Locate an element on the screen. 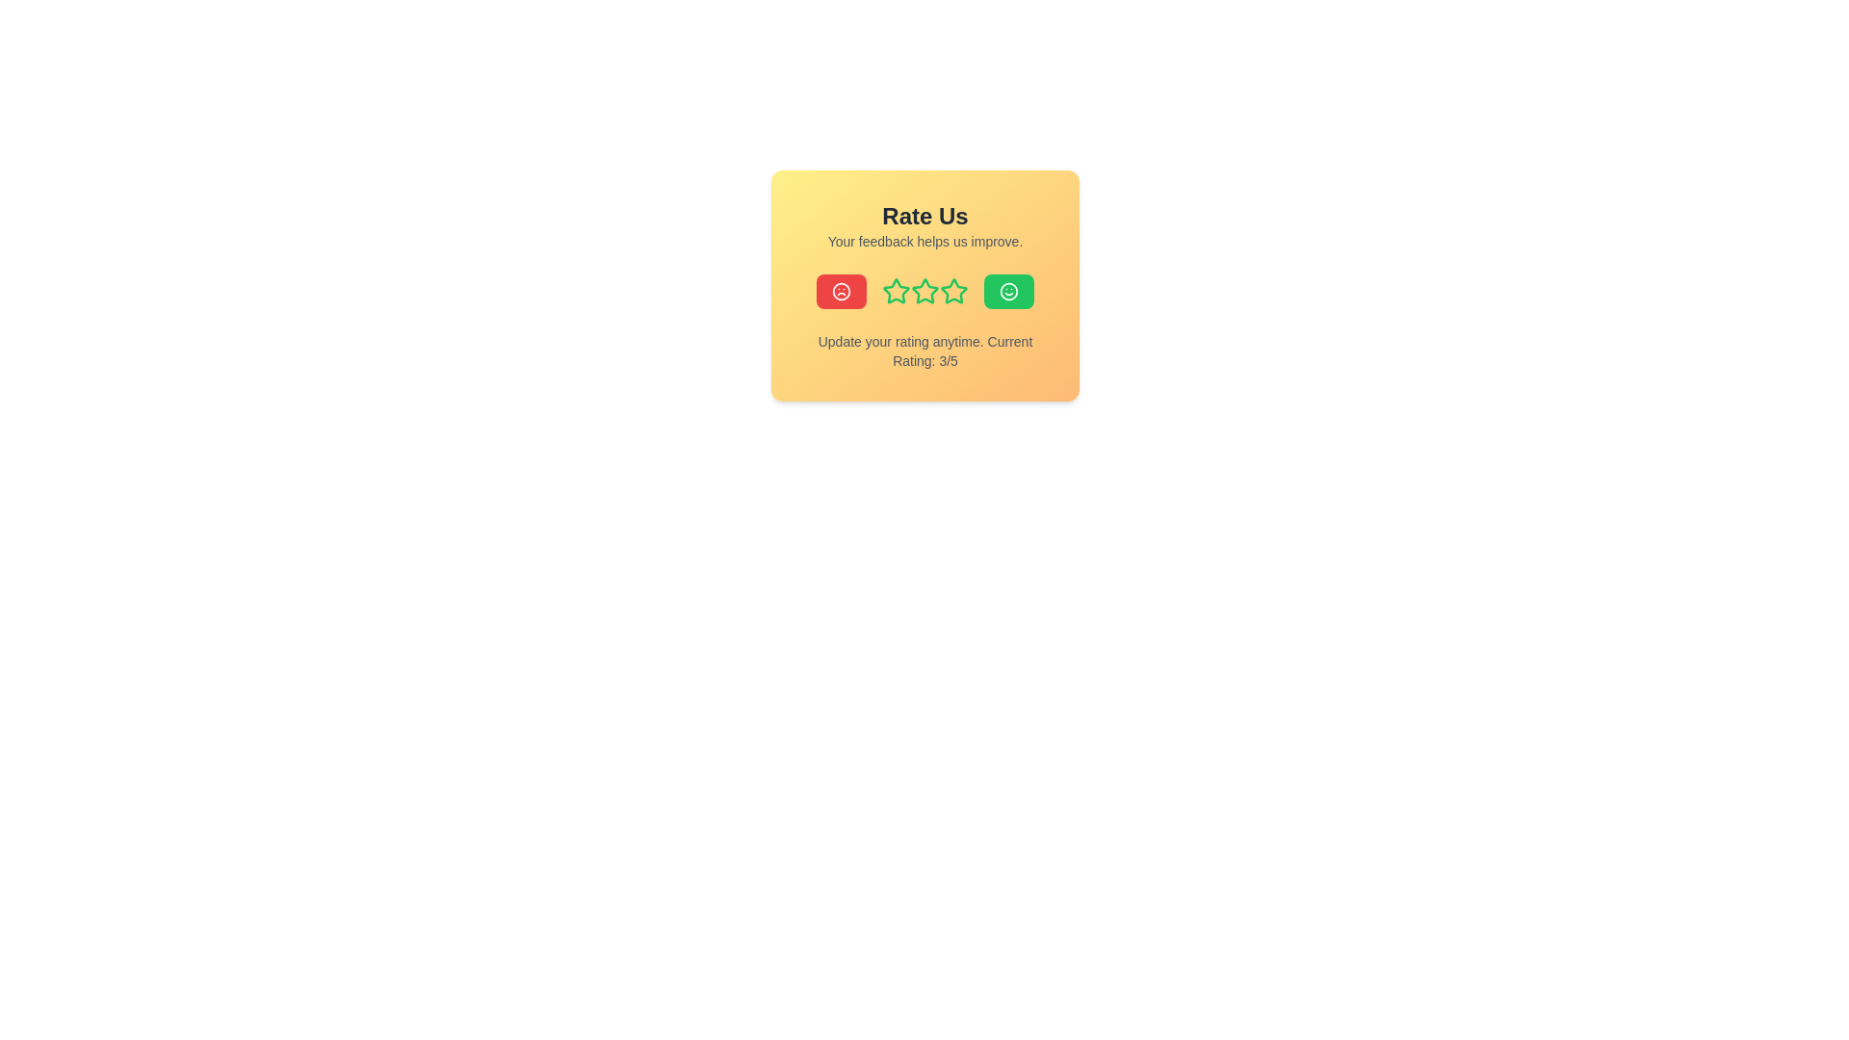  the green-colored star icon, which is the second star in a horizontal sequence of five stars is located at coordinates (896, 292).